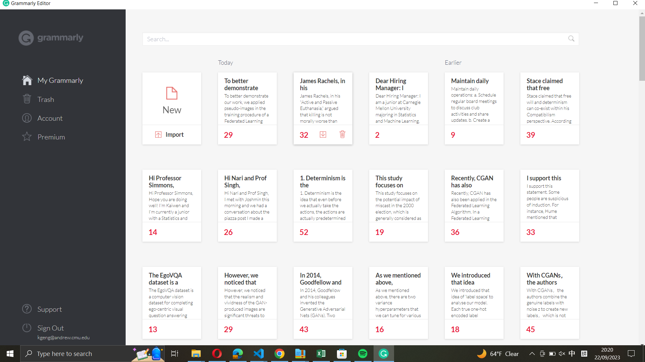 The width and height of the screenshot is (645, 362). I want to click on a note to maintain daily earlier first note, so click(474, 98).